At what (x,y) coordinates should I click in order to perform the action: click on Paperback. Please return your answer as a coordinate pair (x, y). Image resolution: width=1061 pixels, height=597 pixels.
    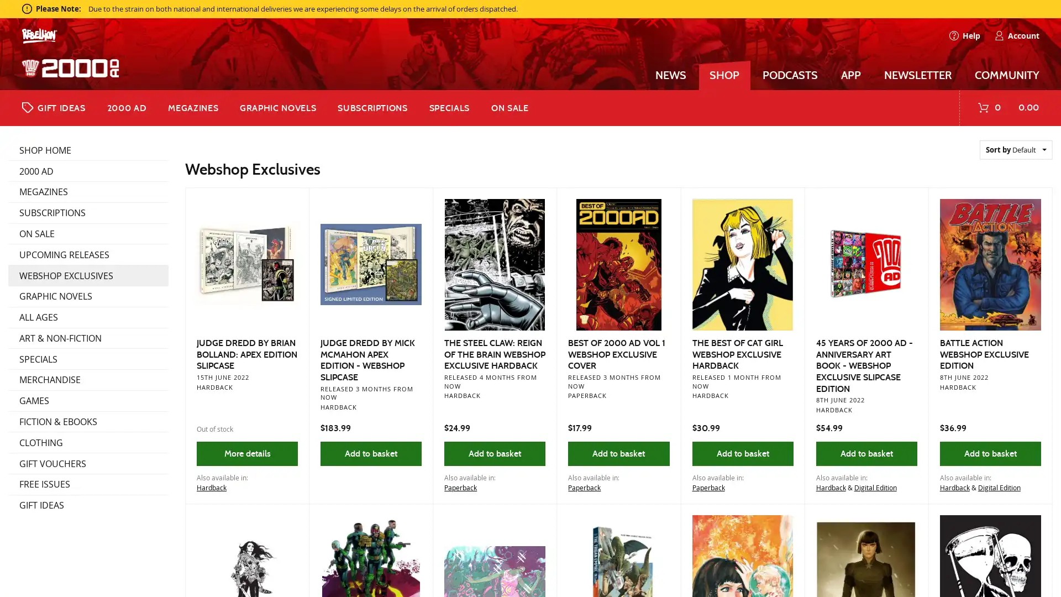
    Looking at the image, I should click on (708, 487).